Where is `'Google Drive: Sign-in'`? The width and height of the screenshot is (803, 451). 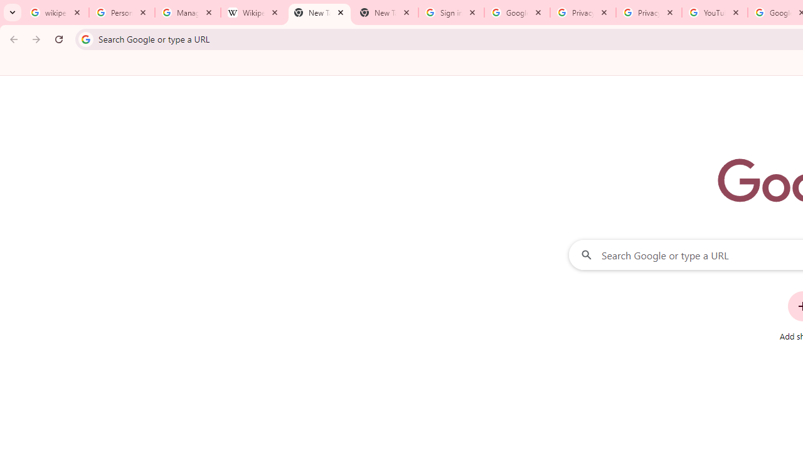
'Google Drive: Sign-in' is located at coordinates (517, 13).